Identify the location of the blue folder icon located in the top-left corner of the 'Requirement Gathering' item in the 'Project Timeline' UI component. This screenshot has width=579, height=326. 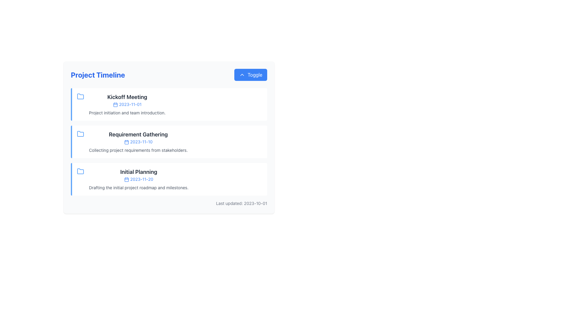
(80, 133).